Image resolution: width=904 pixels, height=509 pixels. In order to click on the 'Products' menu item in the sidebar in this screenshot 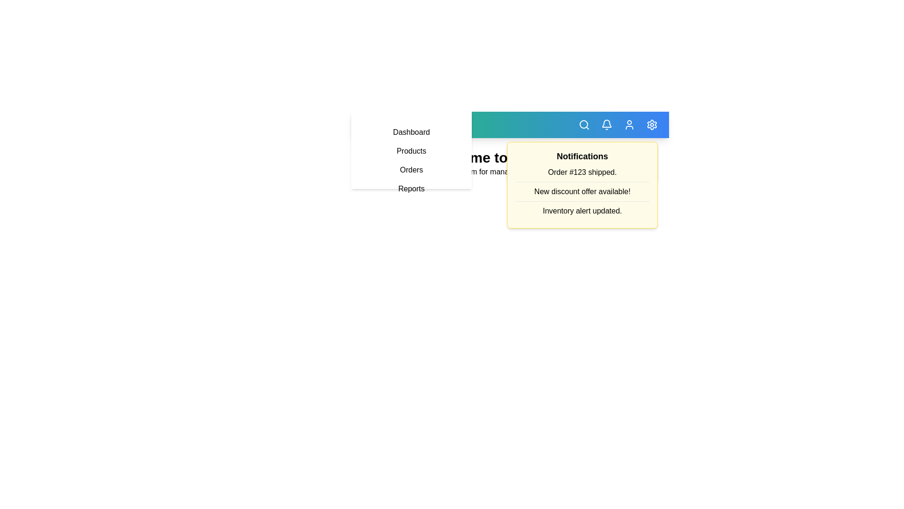, I will do `click(411, 160)`.